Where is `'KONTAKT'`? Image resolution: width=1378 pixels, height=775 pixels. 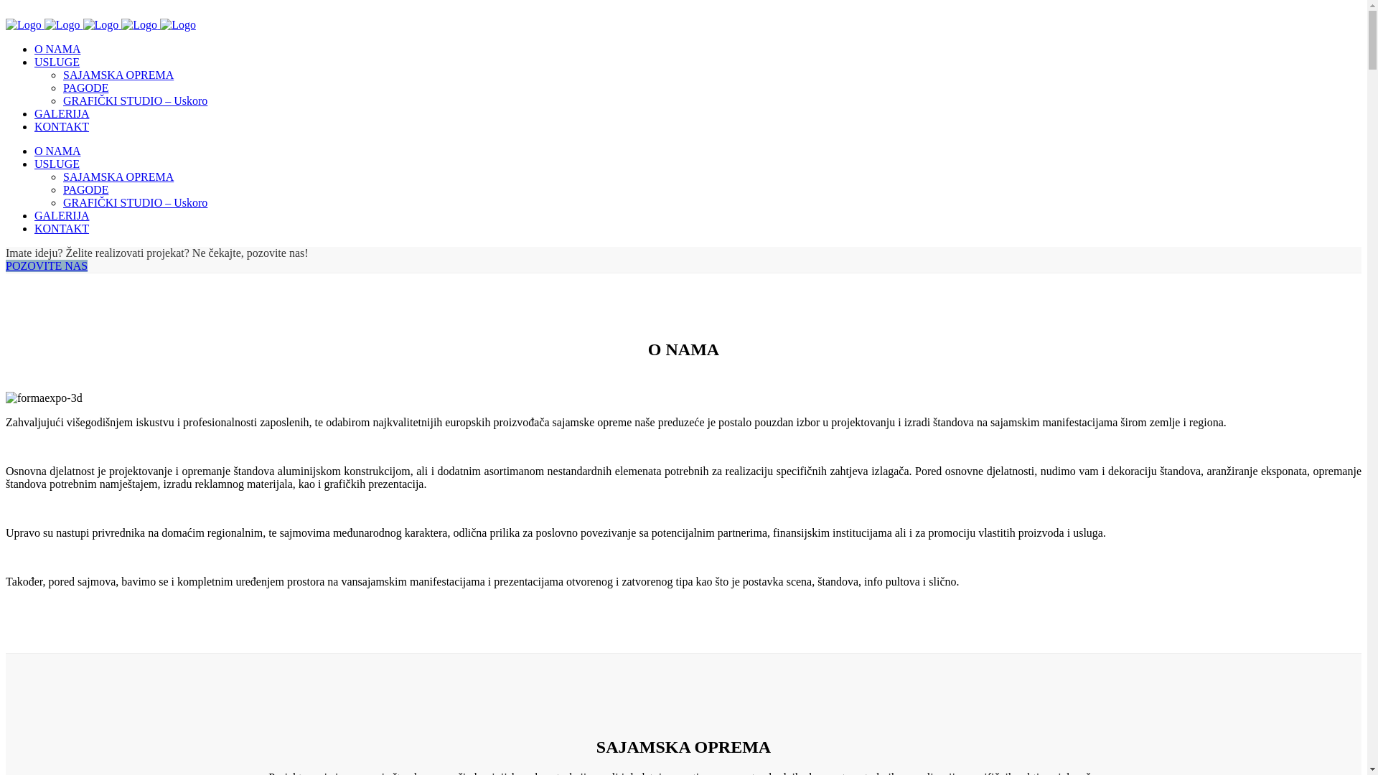
'KONTAKT' is located at coordinates (61, 126).